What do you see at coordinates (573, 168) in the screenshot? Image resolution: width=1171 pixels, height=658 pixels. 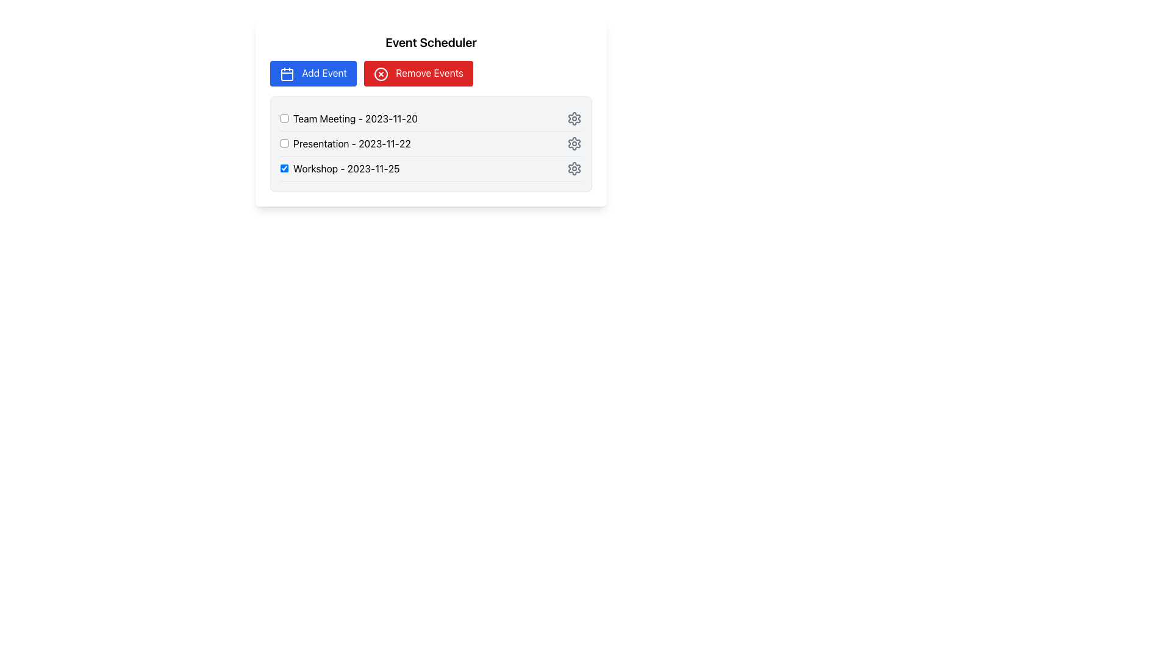 I see `the gear icon located to the right of the text 'Workshop - 2023-11-25'` at bounding box center [573, 168].